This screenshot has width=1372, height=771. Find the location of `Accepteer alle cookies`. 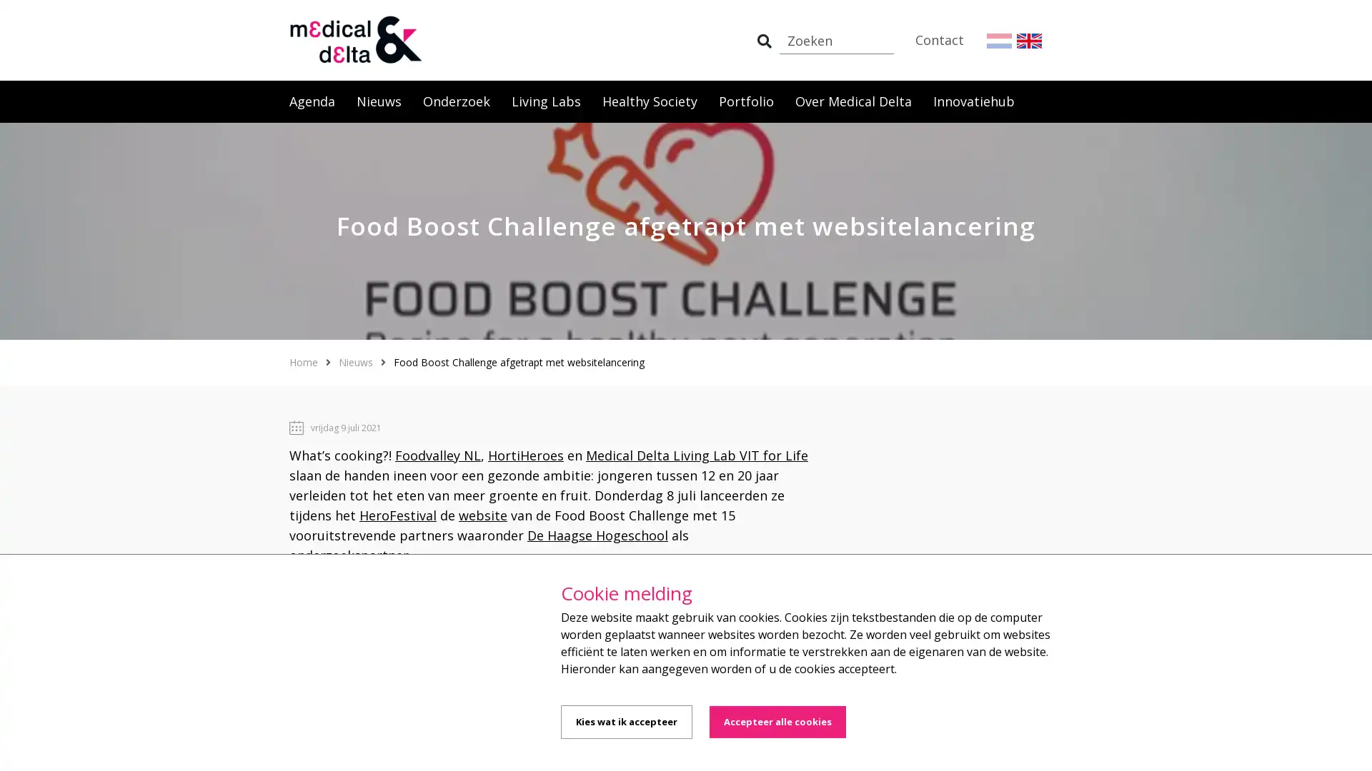

Accepteer alle cookies is located at coordinates (777, 722).